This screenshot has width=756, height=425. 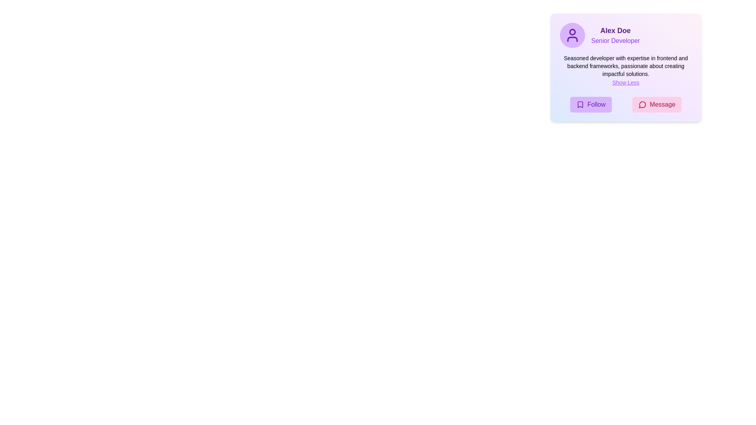 What do you see at coordinates (572, 35) in the screenshot?
I see `the user profile icon, which is a circular representation of a person with a minimalistic design, located in the upper-left corner of the profile card component` at bounding box center [572, 35].